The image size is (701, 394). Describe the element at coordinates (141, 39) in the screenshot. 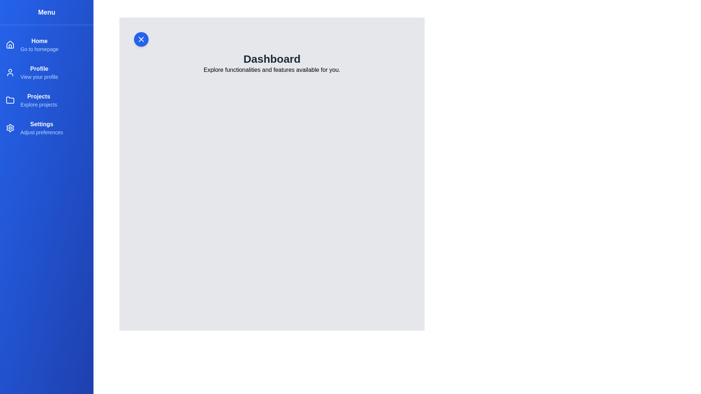

I see `the close button to hide the drawer` at that location.